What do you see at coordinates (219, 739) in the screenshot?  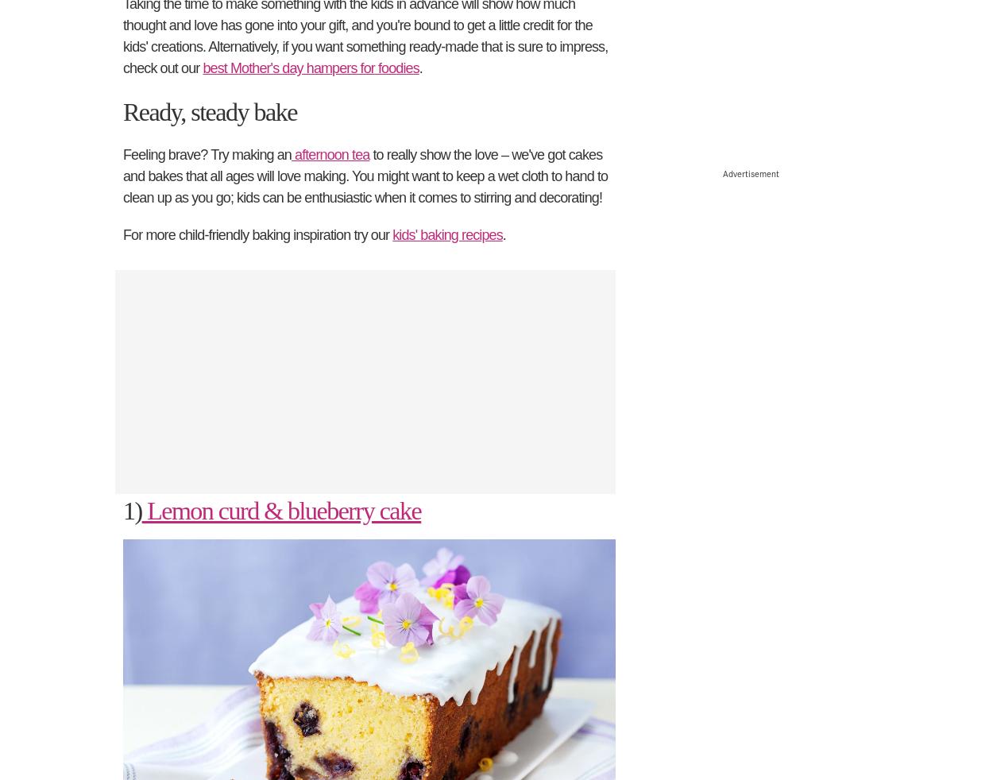 I see `'Contact BBC Studios'` at bounding box center [219, 739].